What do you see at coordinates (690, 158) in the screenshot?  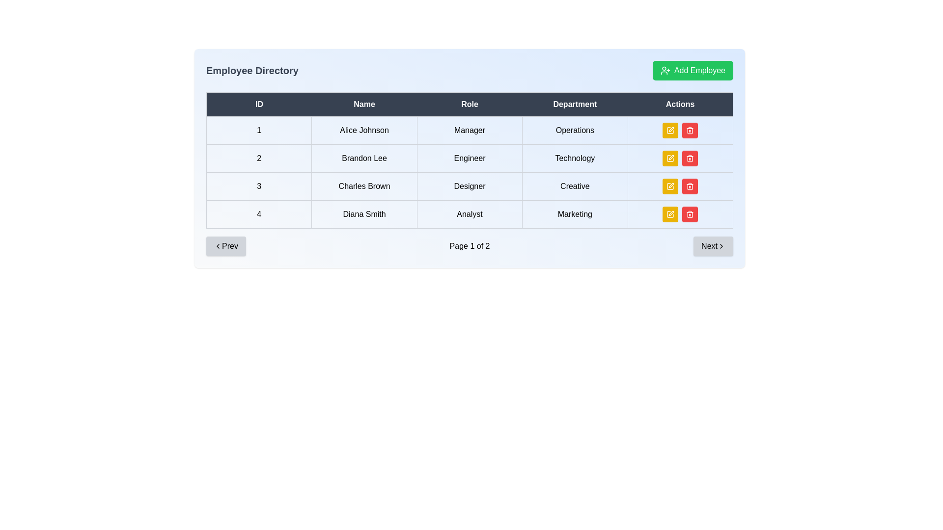 I see `the trash can icon with a red background located in the 'Actions' column of the fourth row in the table` at bounding box center [690, 158].